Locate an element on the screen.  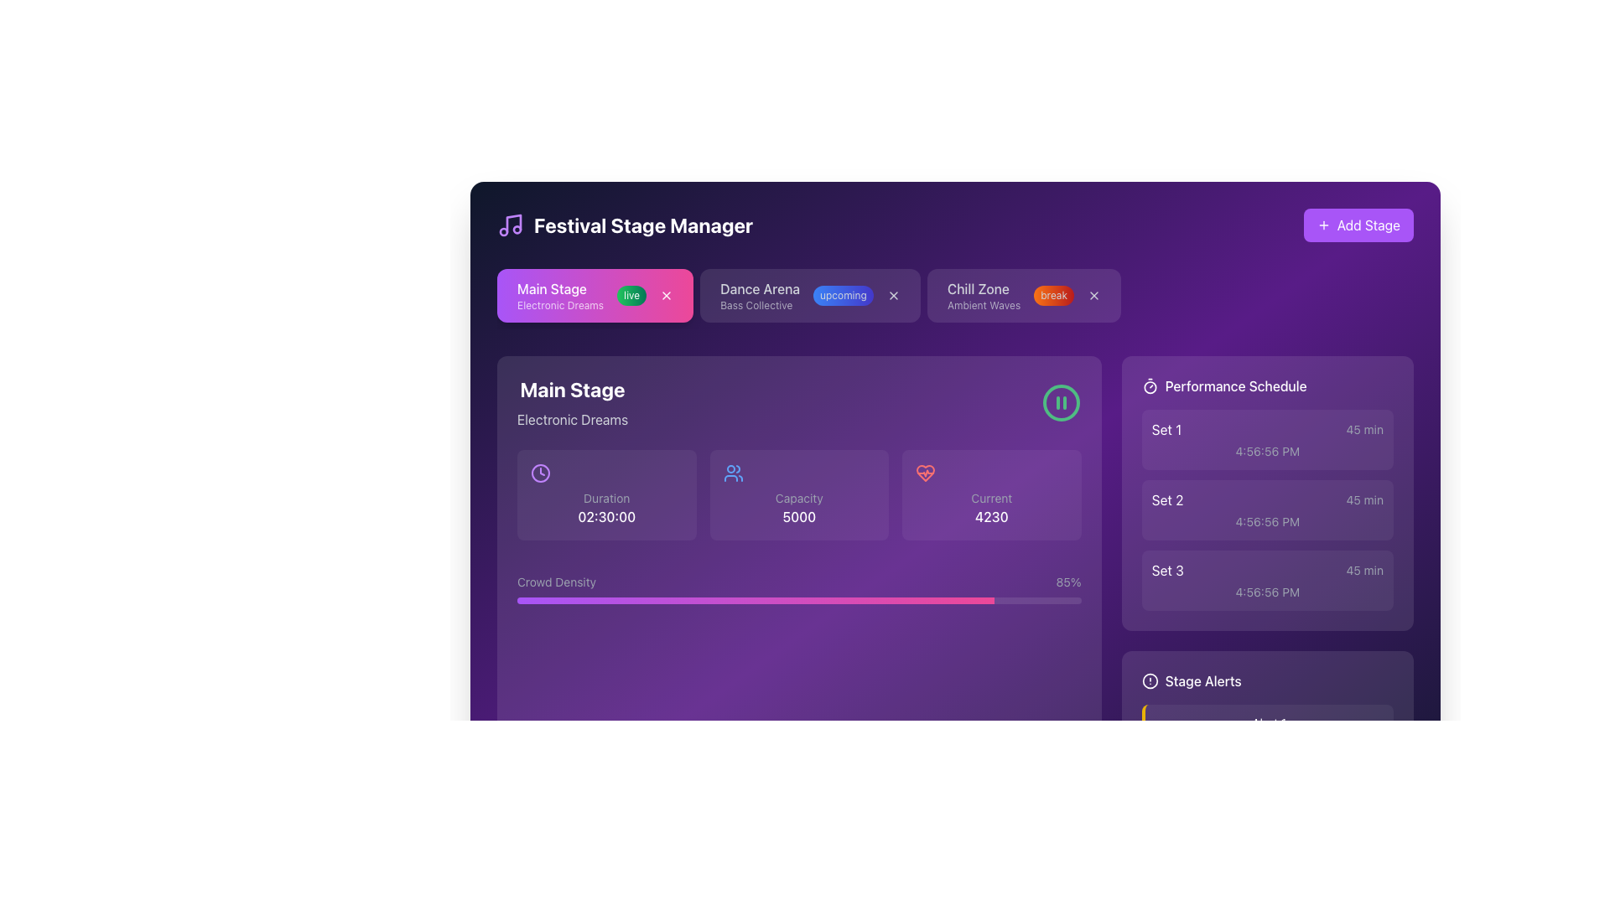
text label that says 'Main Stage', which is styled with a medium font size and placed on a vibrant pink background at the top-left section of the application interface is located at coordinates (552, 287).